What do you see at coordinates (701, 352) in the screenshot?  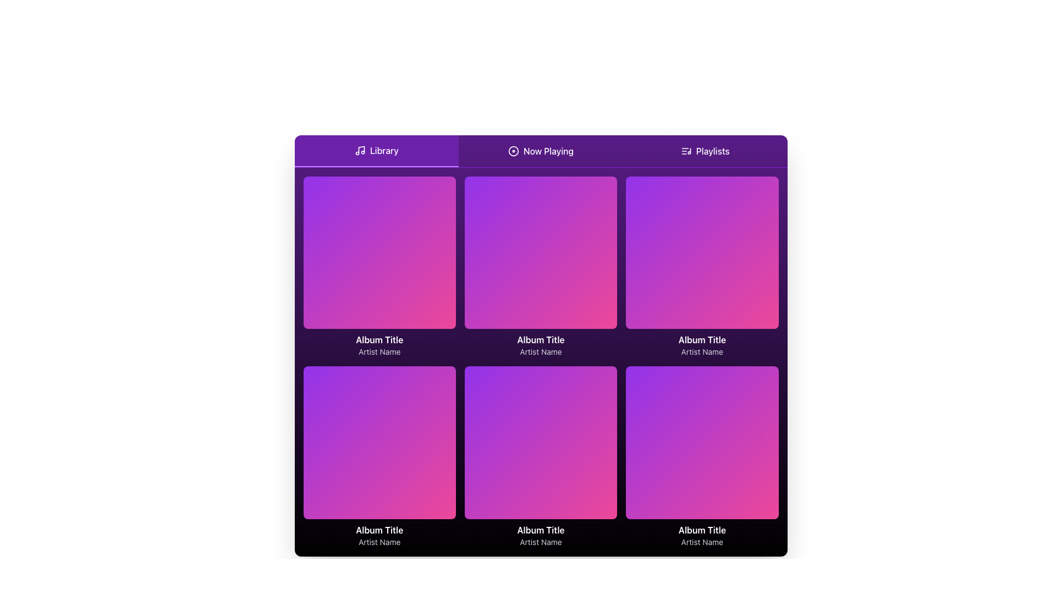 I see `the static label that reads 'Artist Name', which is styled in a small, light gray font and located below the bold 'Album Title' text in the album cover section` at bounding box center [701, 352].